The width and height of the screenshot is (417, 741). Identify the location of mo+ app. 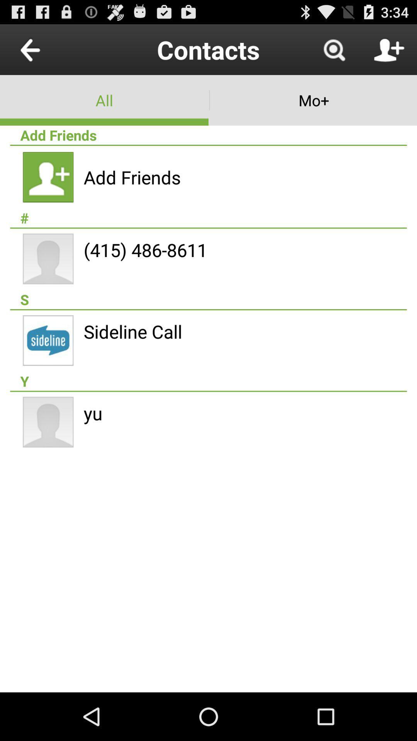
(313, 100).